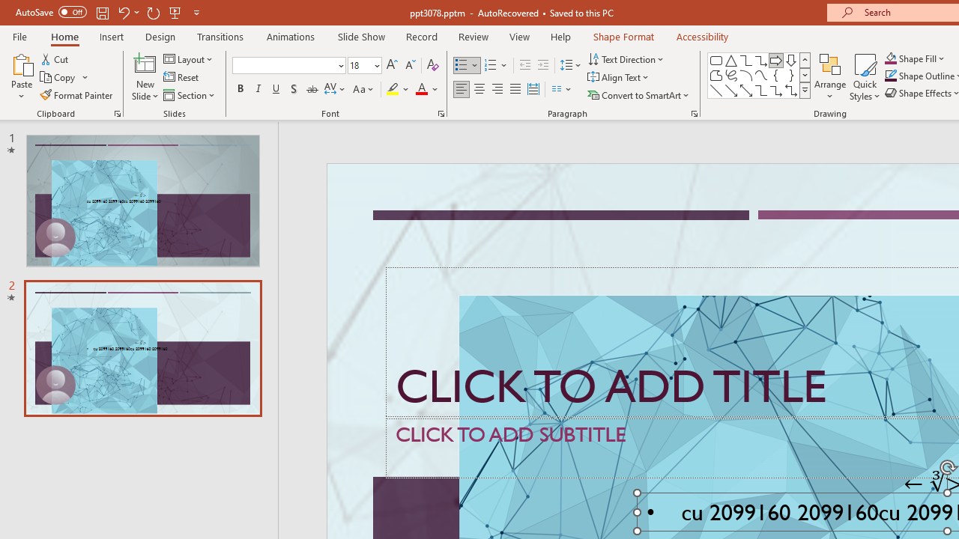  Describe the element at coordinates (790, 90) in the screenshot. I see `'Connector: Elbow Double-Arrow'` at that location.